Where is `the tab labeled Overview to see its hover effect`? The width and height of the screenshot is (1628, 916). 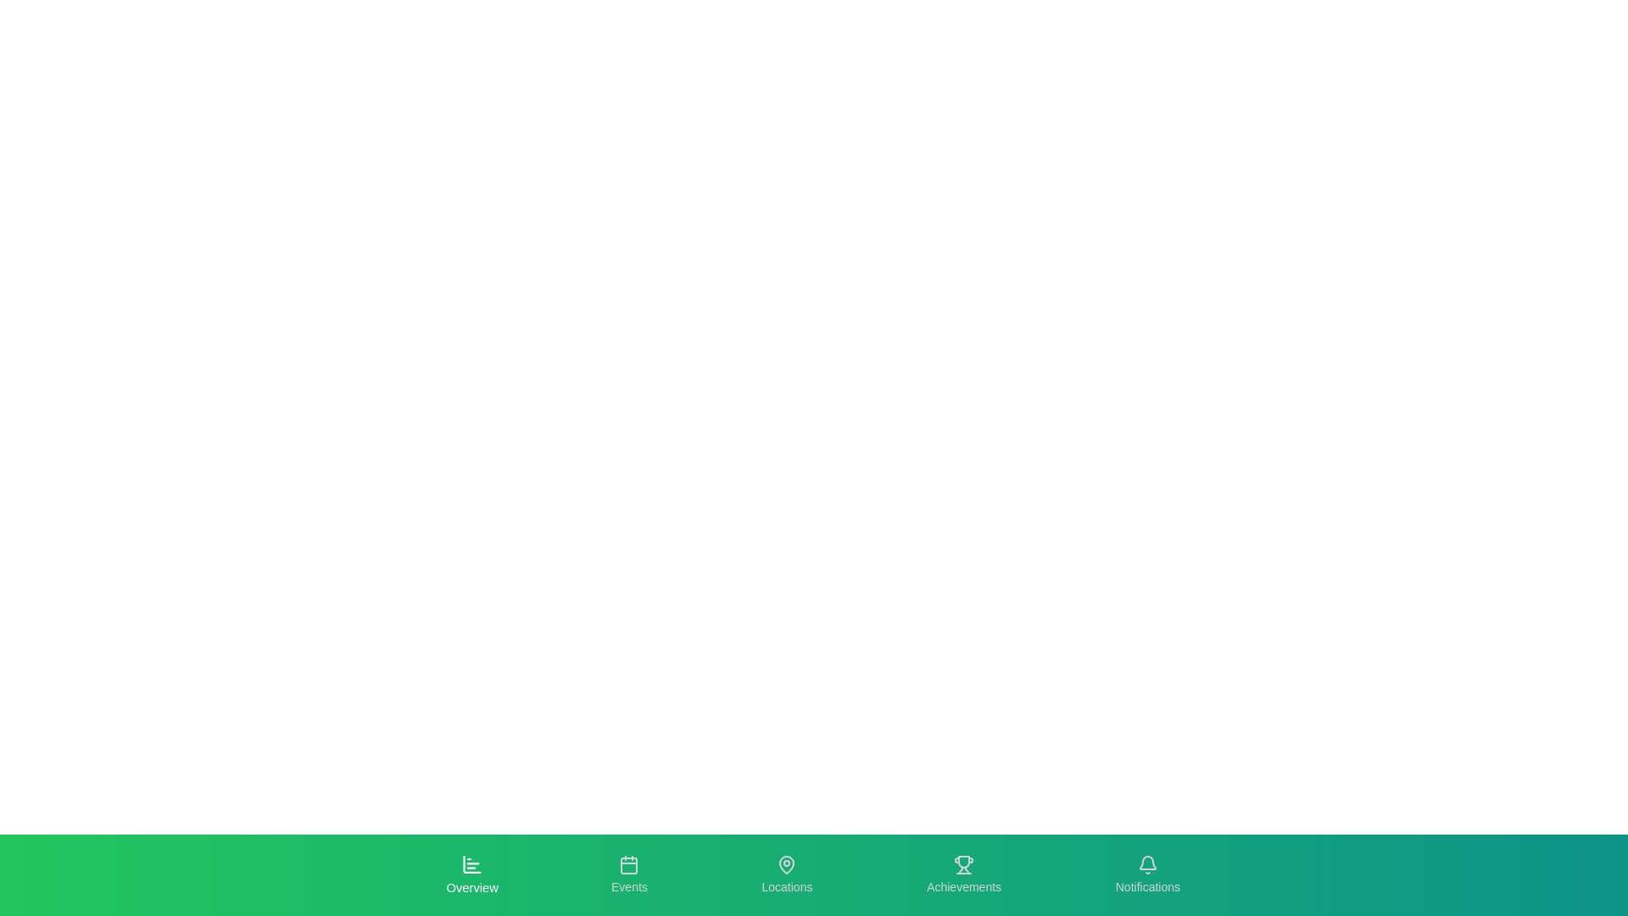 the tab labeled Overview to see its hover effect is located at coordinates (471, 875).